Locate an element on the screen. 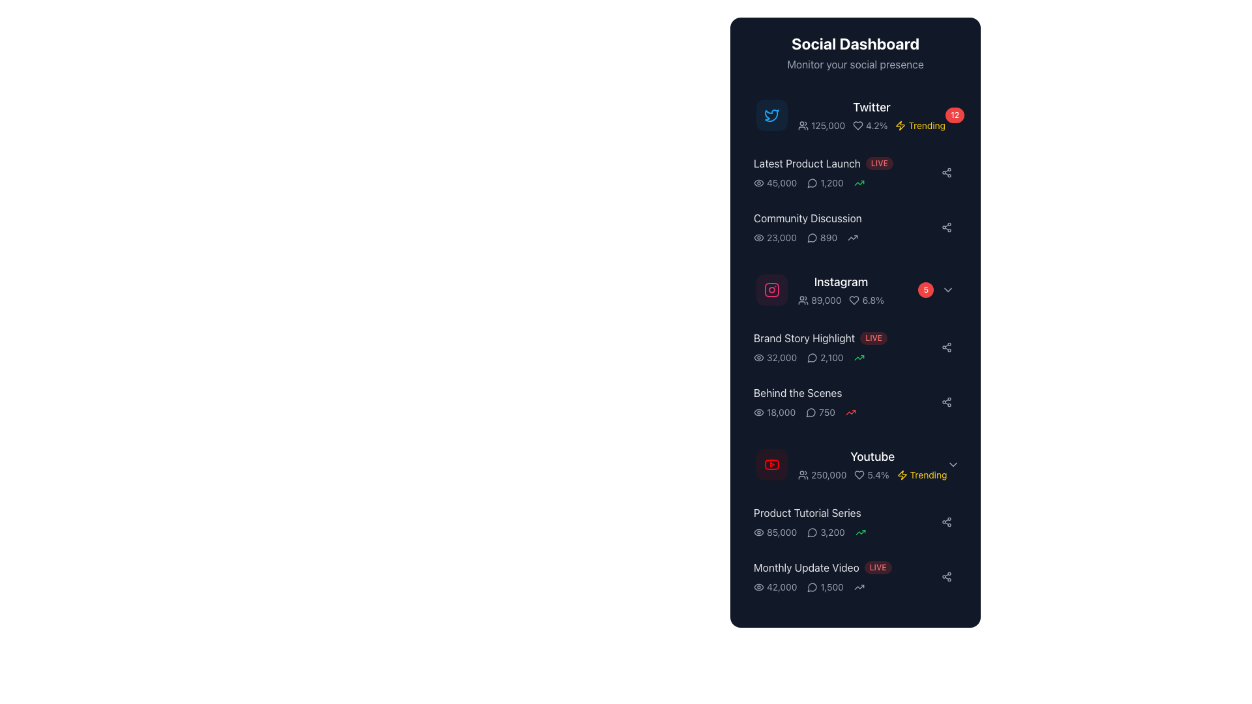  the chevron icon at the far right end of the 'Youtube' section is located at coordinates (953, 464).